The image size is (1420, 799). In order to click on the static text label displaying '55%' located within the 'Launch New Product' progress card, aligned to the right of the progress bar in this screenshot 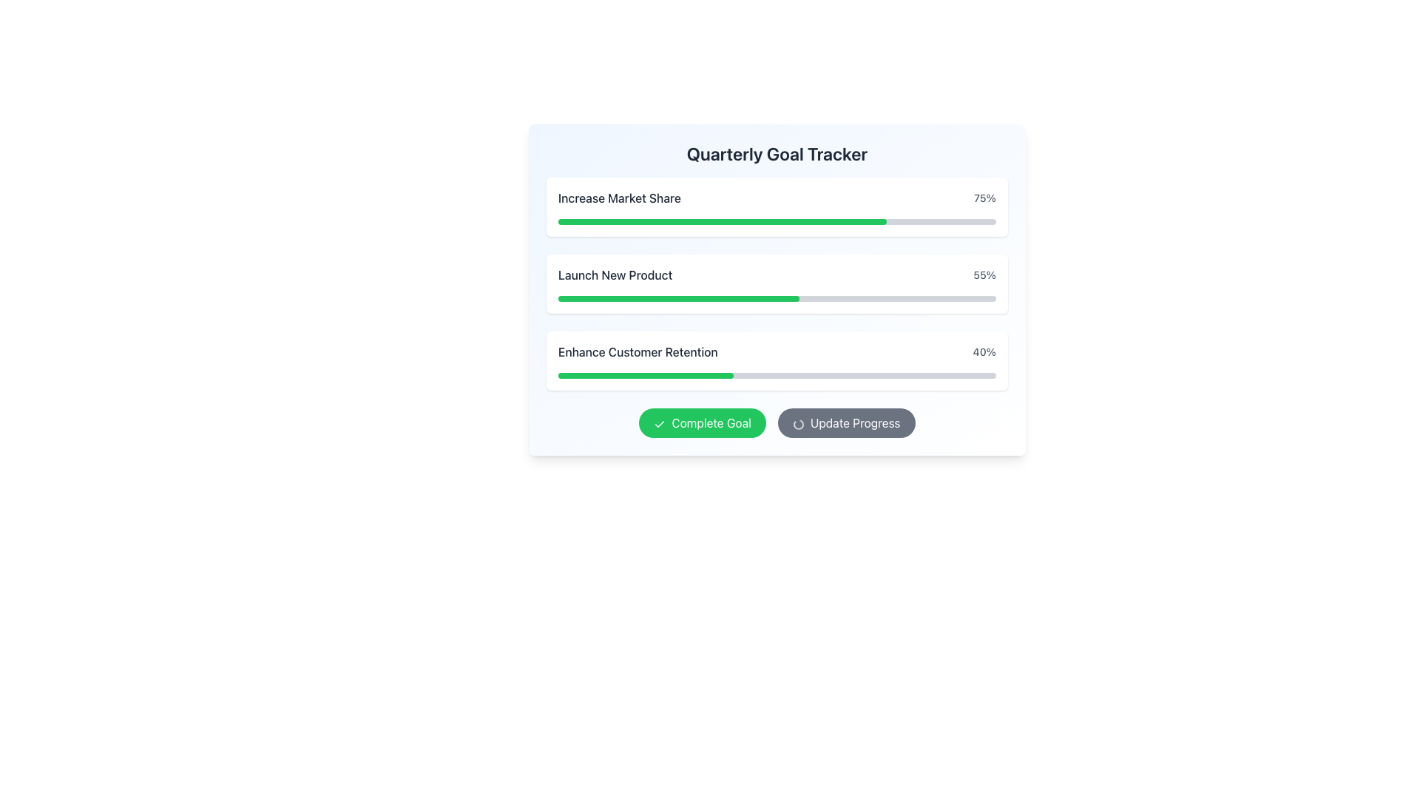, I will do `click(984, 274)`.